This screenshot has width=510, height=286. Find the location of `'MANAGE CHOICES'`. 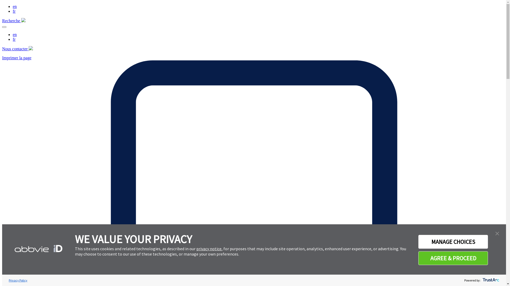

'MANAGE CHOICES' is located at coordinates (453, 242).